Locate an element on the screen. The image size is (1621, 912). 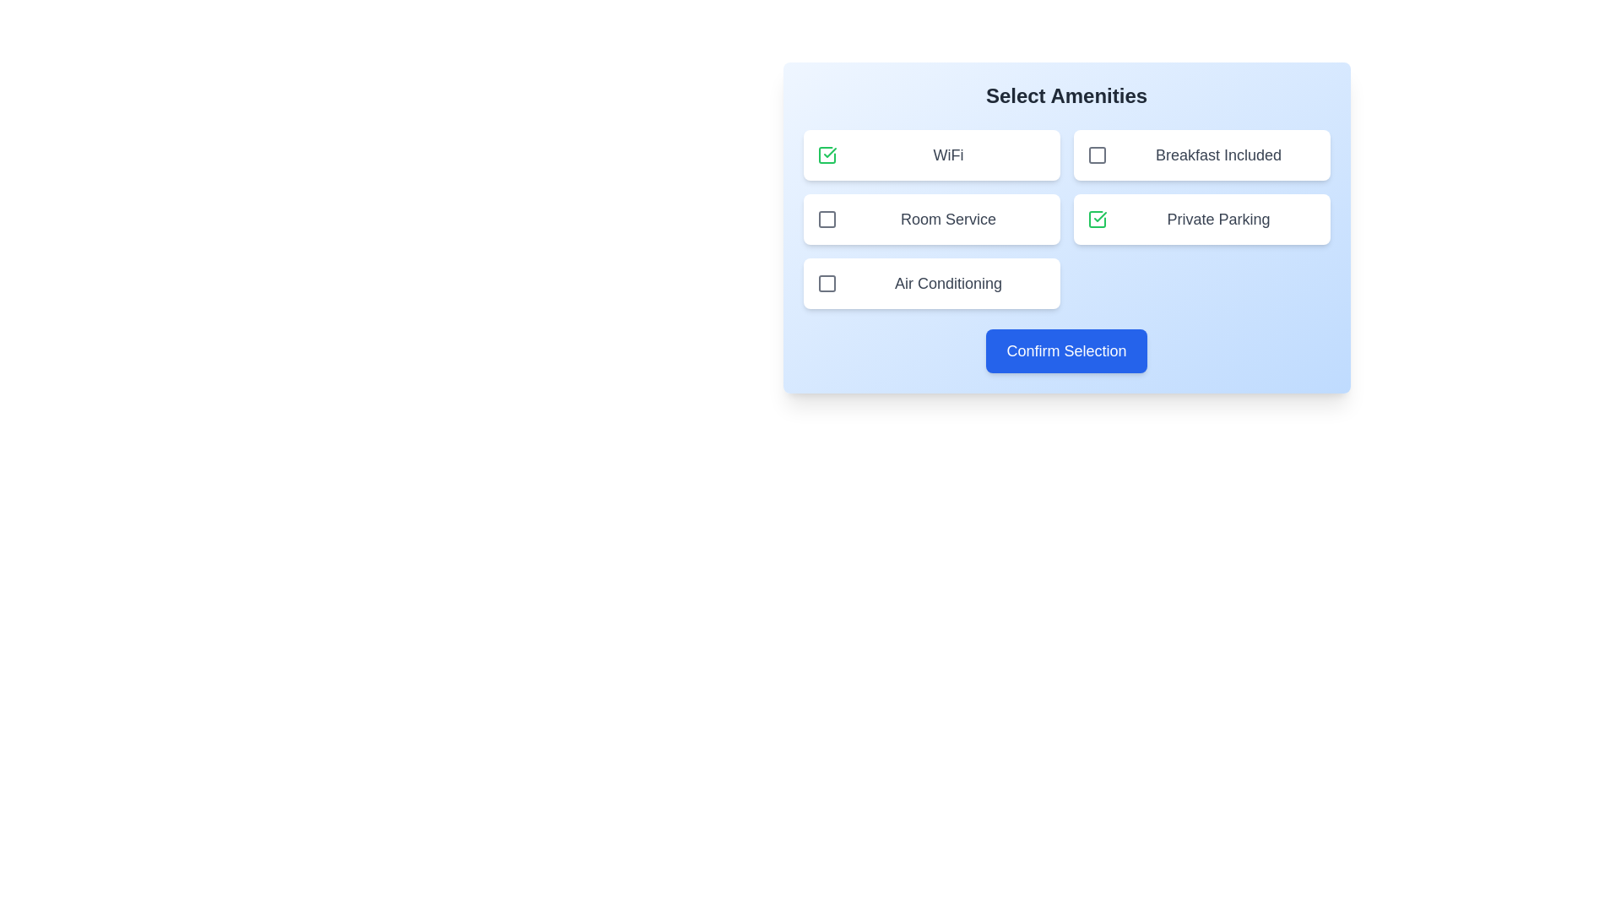
the checkbox associated with the 'Private Parking' option is located at coordinates (1097, 218).